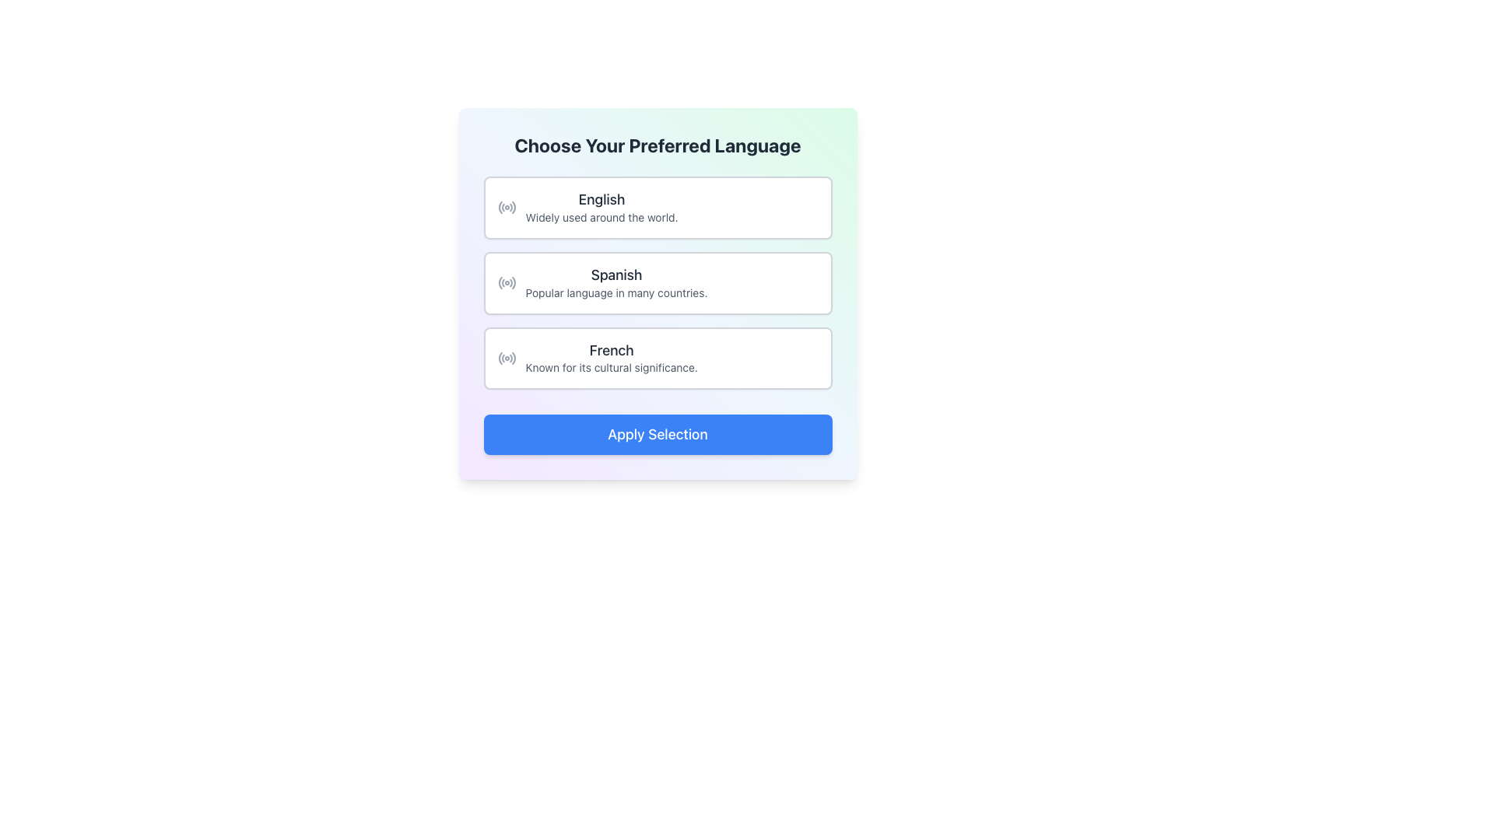  I want to click on the 'English' text label at the top of the card indicating the subject or option, so click(601, 199).